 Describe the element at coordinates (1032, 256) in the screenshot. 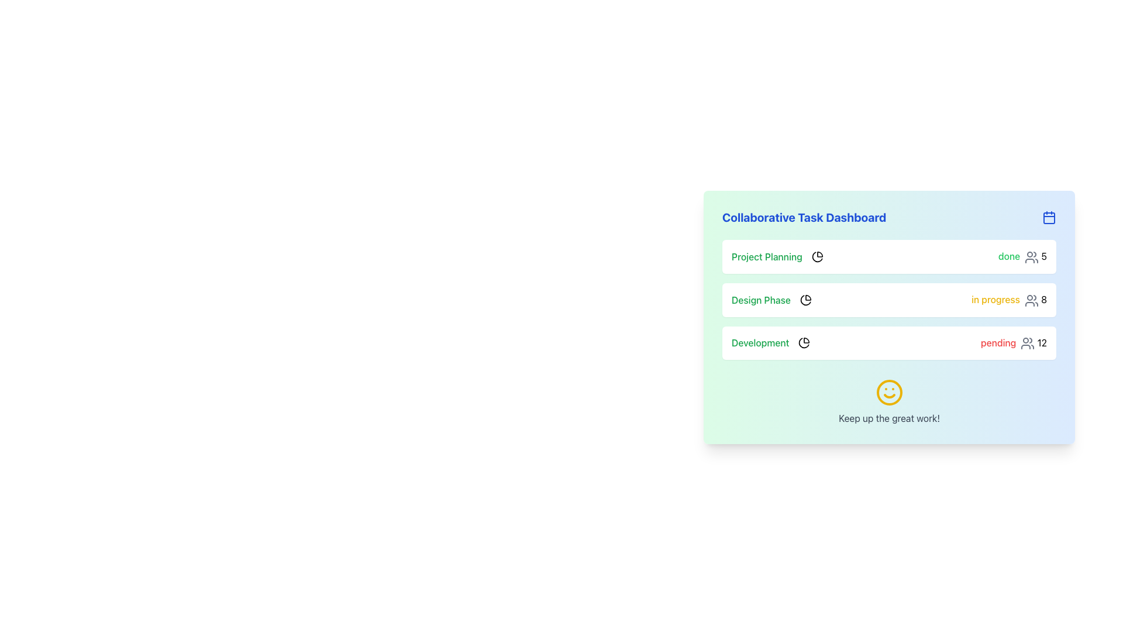

I see `the compact user group icon, which is gray and outlined, located next to the text 'done' in the 'Project Planning' row of the dashboard` at that location.